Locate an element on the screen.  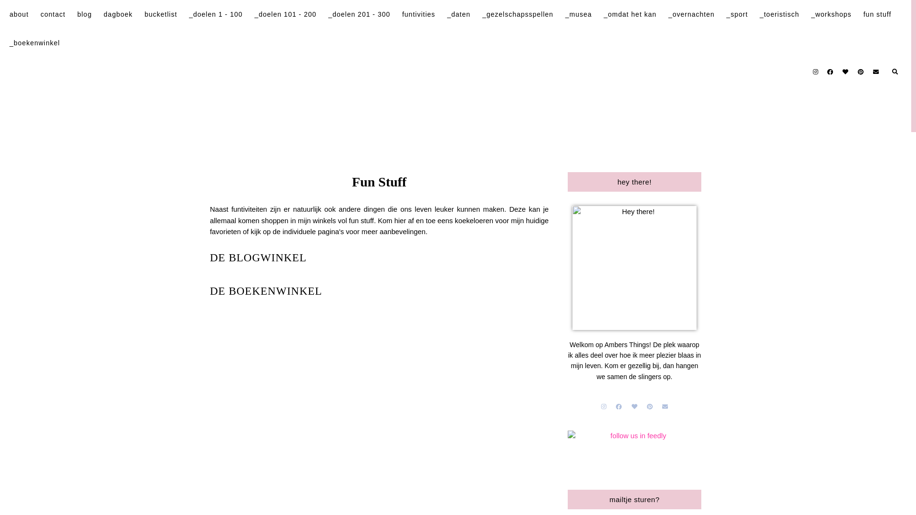
'bucketlist' is located at coordinates (160, 14).